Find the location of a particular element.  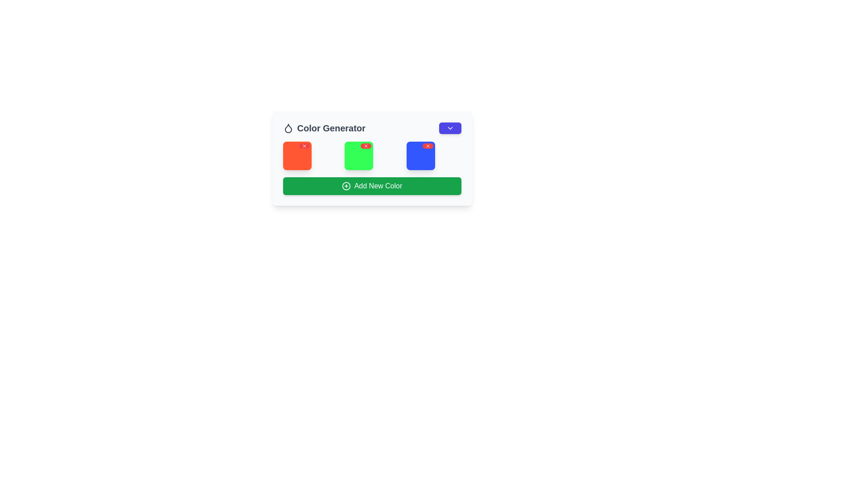

the small red circular badge with a white cross icon located at the top-right corner of the orange square button is located at coordinates (304, 145).